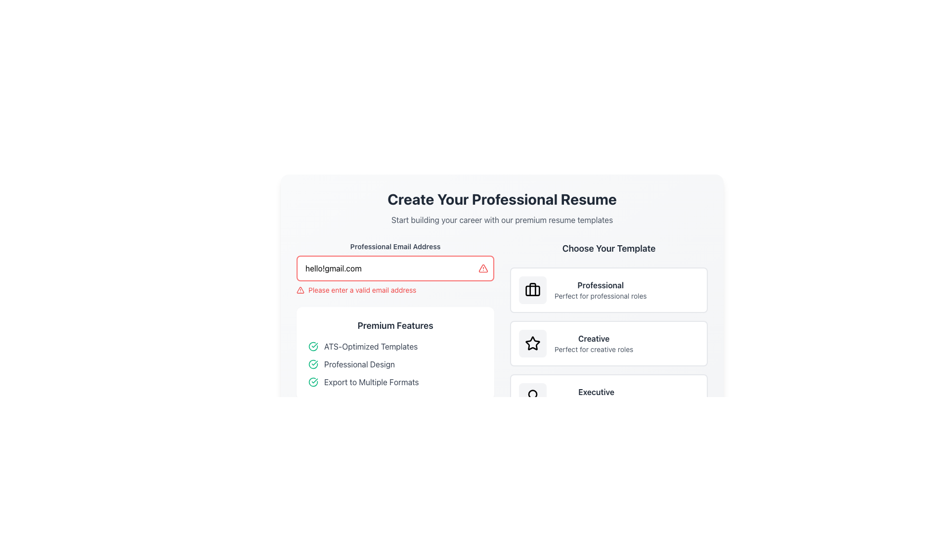 The image size is (949, 534). What do you see at coordinates (532, 290) in the screenshot?
I see `the Icon handle of the 'Professional' template option, which is a narrow rounded rectangle positioned inside a briefcase icon on the right side of the interface` at bounding box center [532, 290].